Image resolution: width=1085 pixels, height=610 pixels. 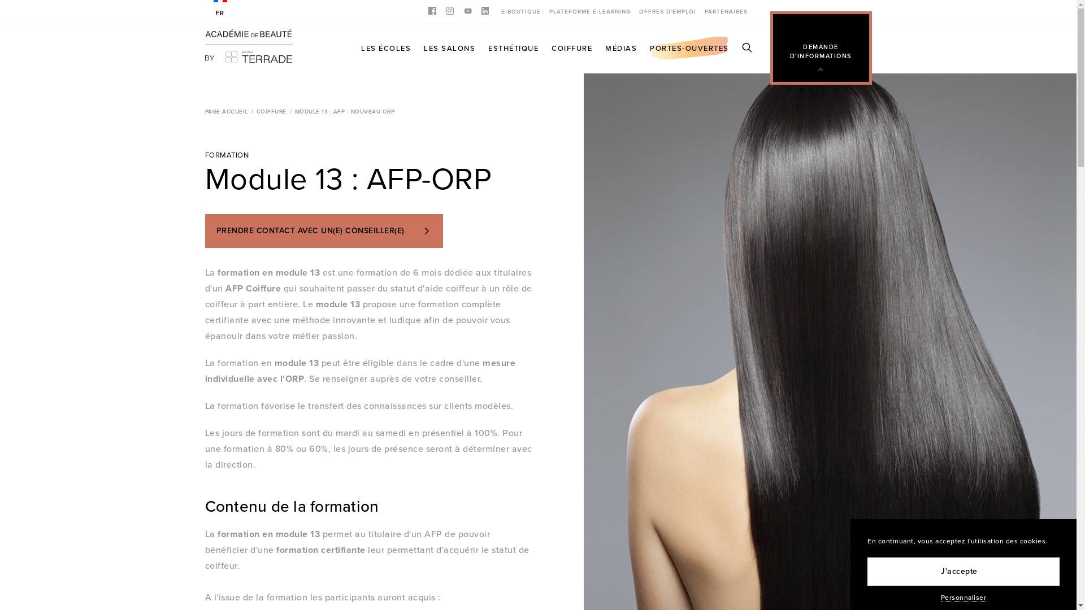 I want to click on 'PARTENAIRES', so click(x=725, y=11).